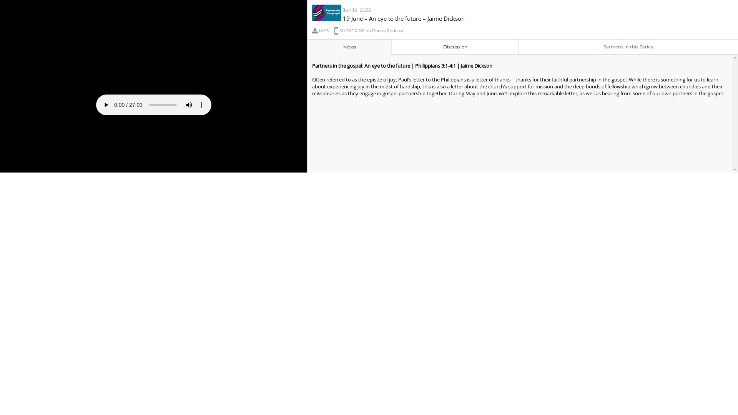 Image resolution: width=738 pixels, height=415 pixels. I want to click on 'MP3', so click(323, 30).